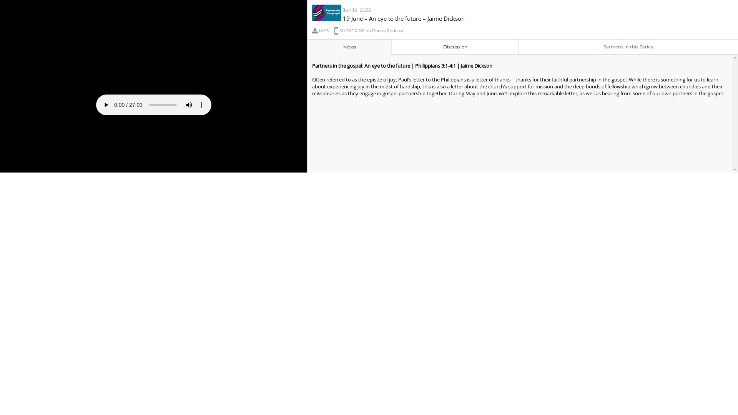 Image resolution: width=738 pixels, height=415 pixels. I want to click on 'MP3', so click(323, 30).